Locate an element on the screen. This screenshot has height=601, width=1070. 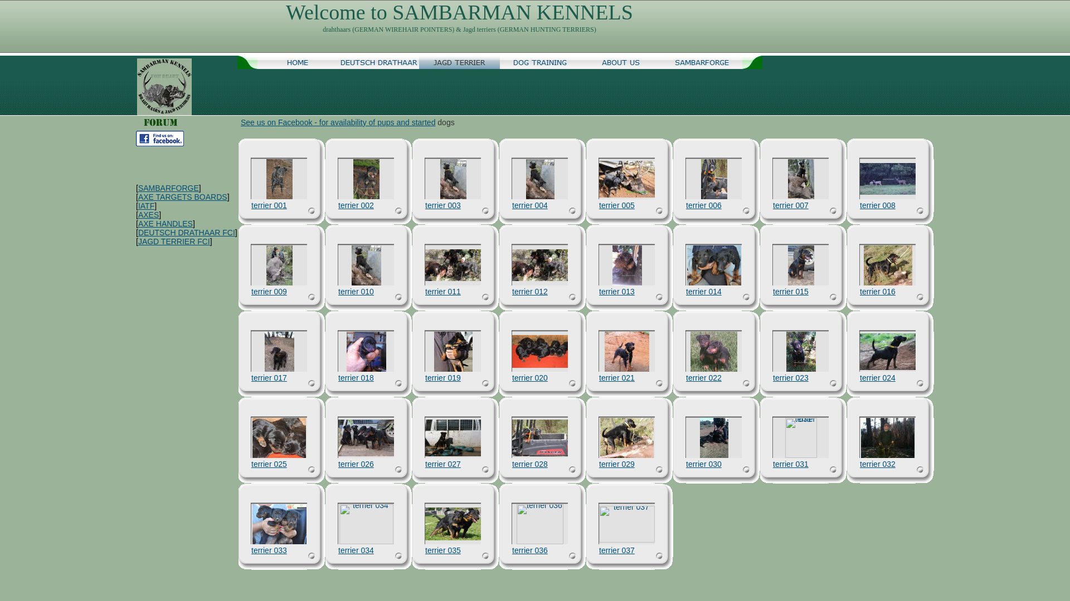
'JAGD TERRIER' is located at coordinates (419, 62).